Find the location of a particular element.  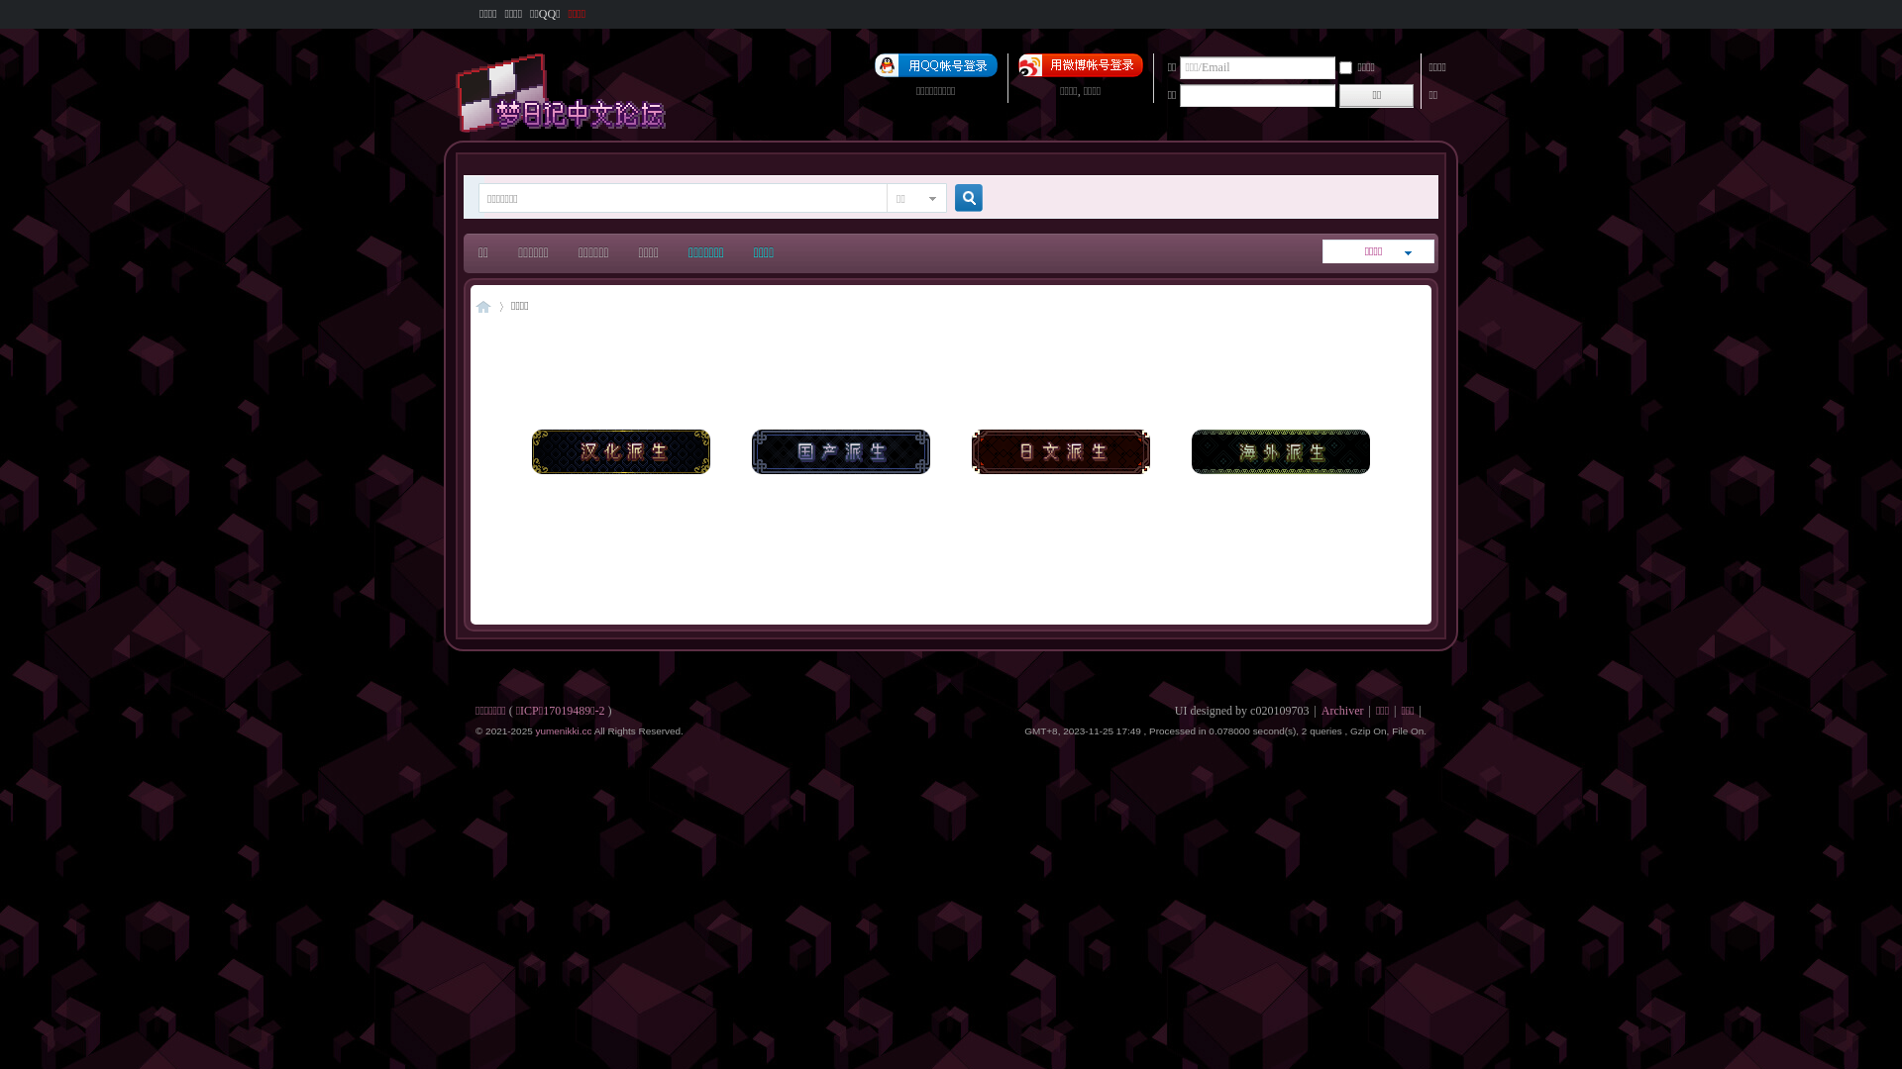

'yumenikki.cc' is located at coordinates (562, 730).